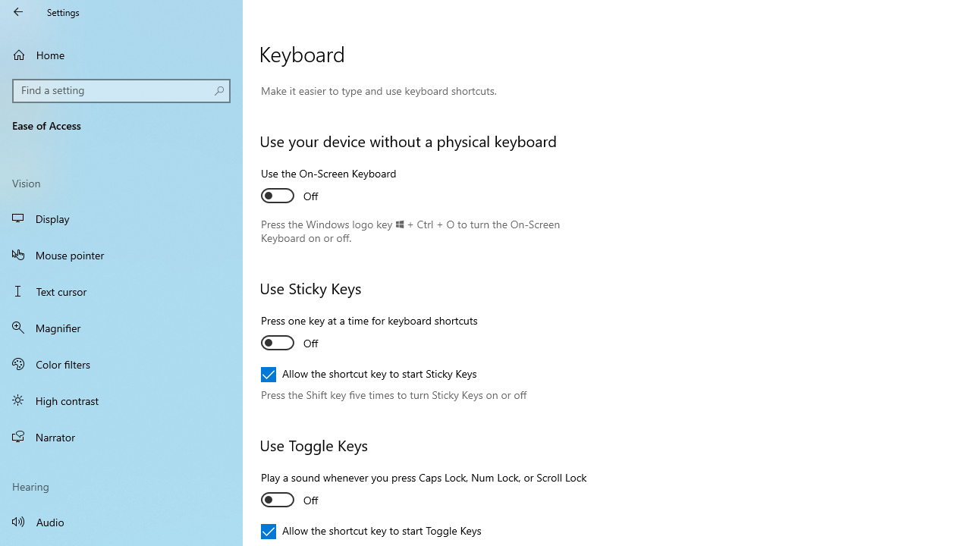  I want to click on 'Mouse pointer', so click(121, 253).